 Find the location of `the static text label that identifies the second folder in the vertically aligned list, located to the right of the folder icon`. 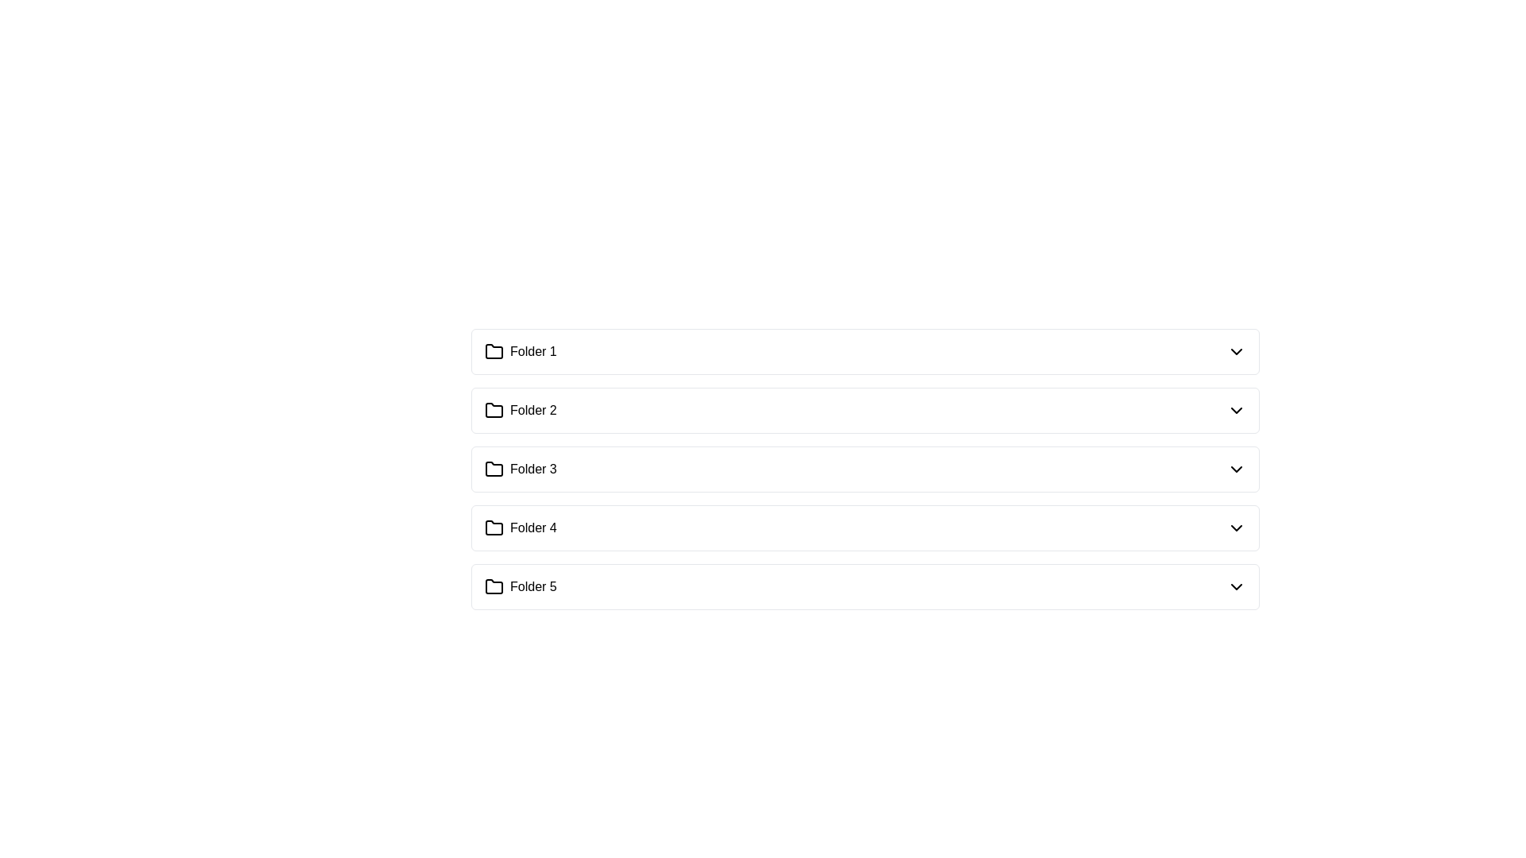

the static text label that identifies the second folder in the vertically aligned list, located to the right of the folder icon is located at coordinates (533, 409).